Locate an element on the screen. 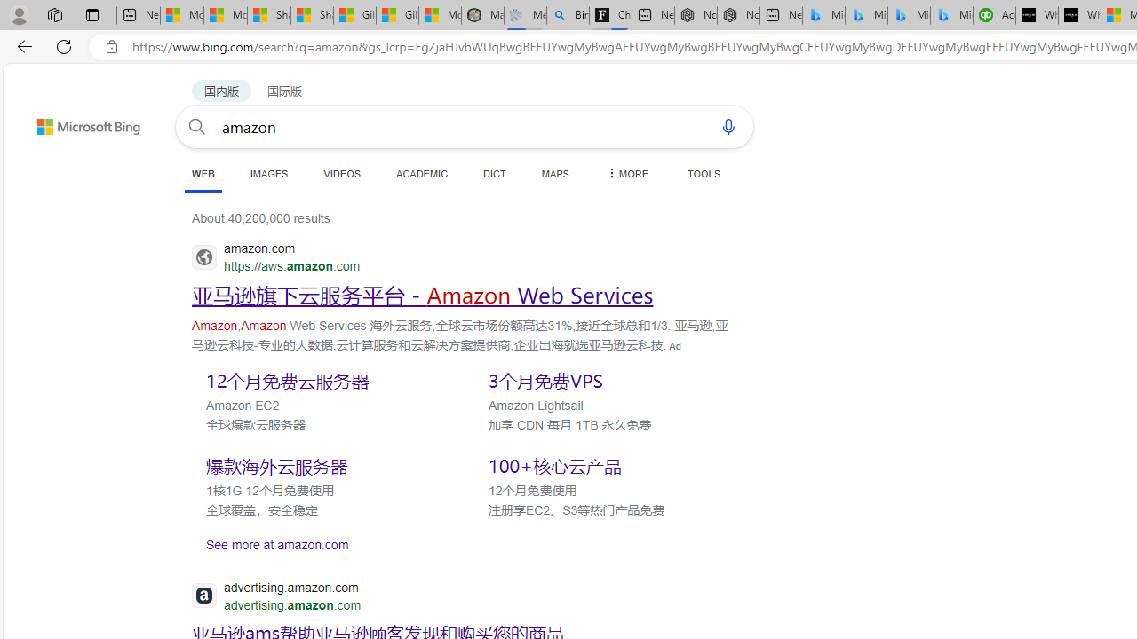 The image size is (1137, 639). 'MAPS' is located at coordinates (554, 173).